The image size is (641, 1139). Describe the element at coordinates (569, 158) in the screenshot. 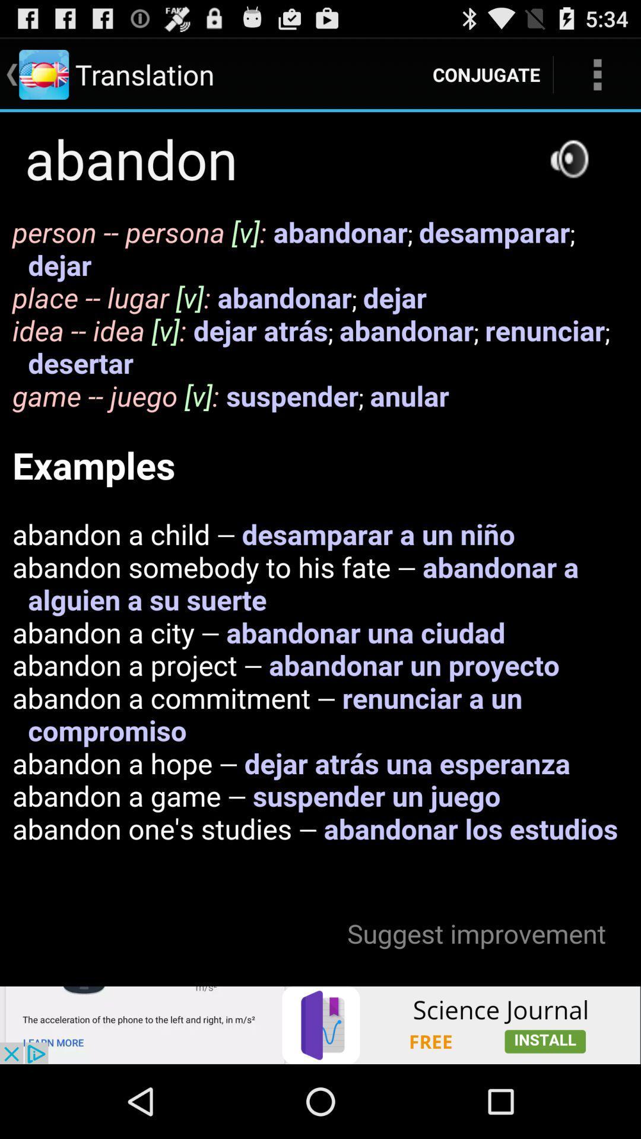

I see `sound option` at that location.